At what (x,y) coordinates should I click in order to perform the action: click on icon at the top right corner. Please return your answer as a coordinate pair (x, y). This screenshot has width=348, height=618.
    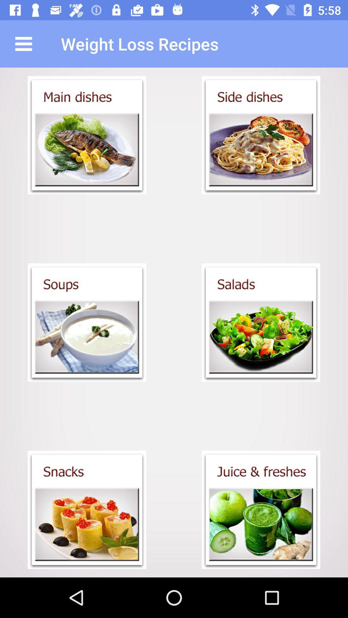
    Looking at the image, I should click on (261, 135).